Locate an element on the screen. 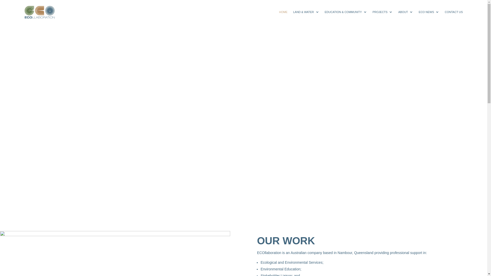  'CONTACT US' is located at coordinates (444, 12).